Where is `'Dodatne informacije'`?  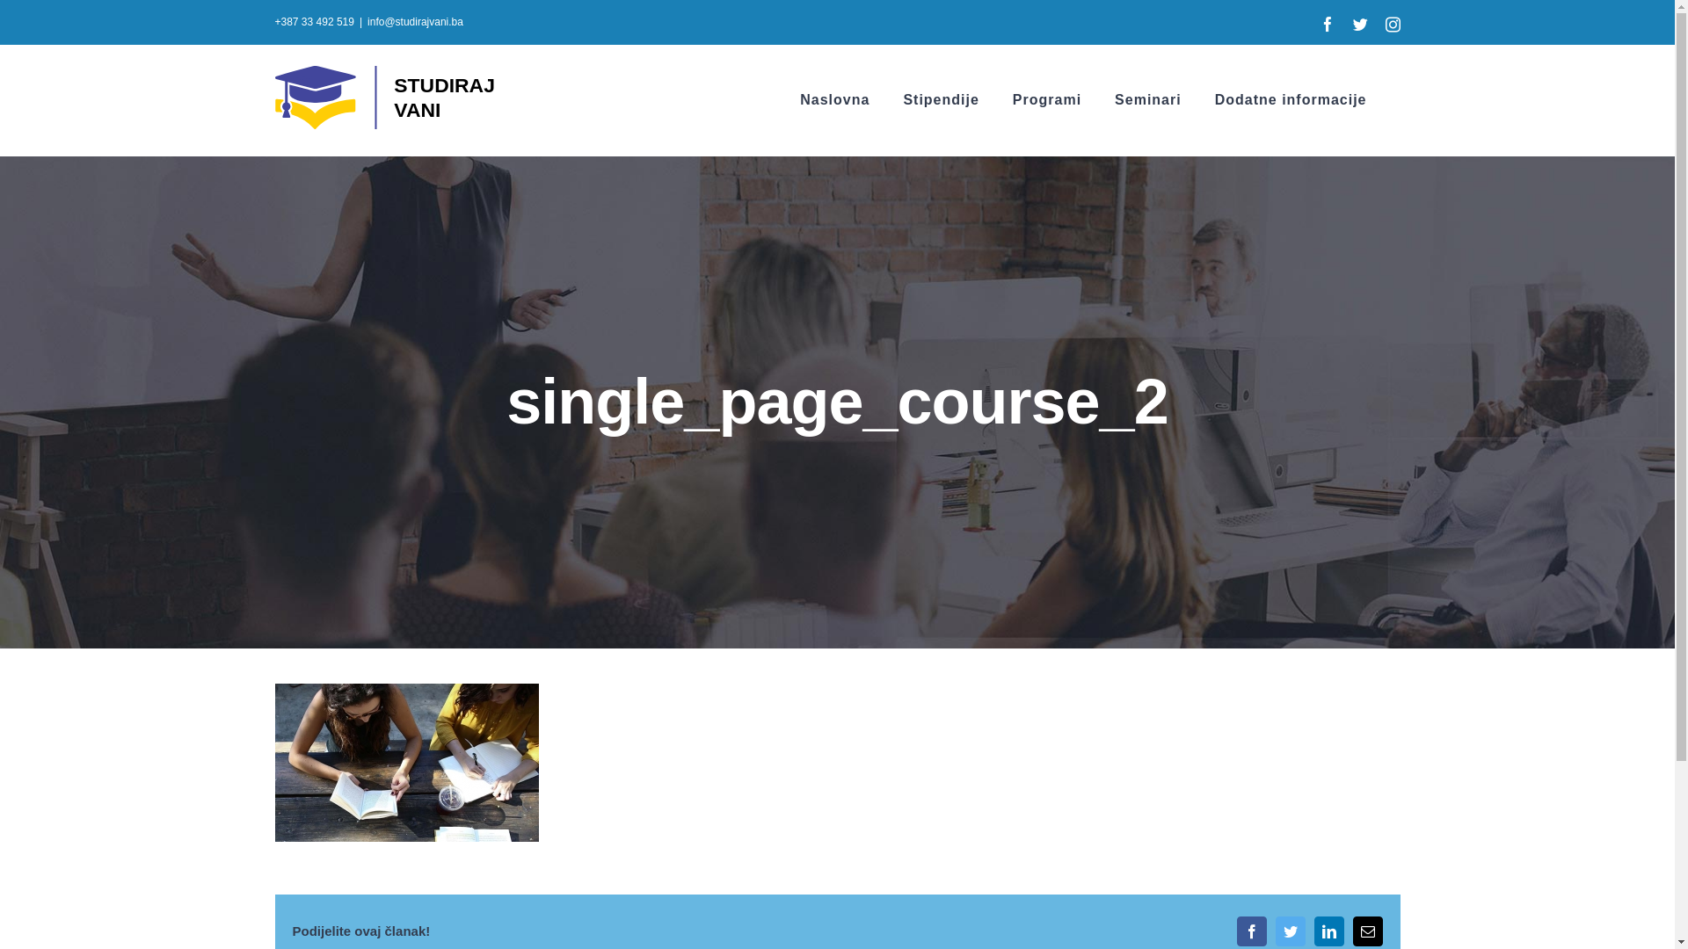 'Dodatne informacije' is located at coordinates (1214, 100).